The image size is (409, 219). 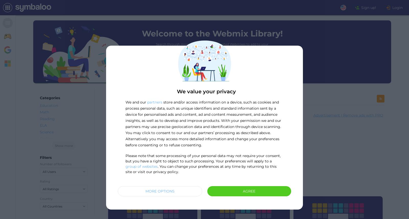 What do you see at coordinates (275, 187) in the screenshot?
I see `'10+
								
								
							
							  Followers'` at bounding box center [275, 187].